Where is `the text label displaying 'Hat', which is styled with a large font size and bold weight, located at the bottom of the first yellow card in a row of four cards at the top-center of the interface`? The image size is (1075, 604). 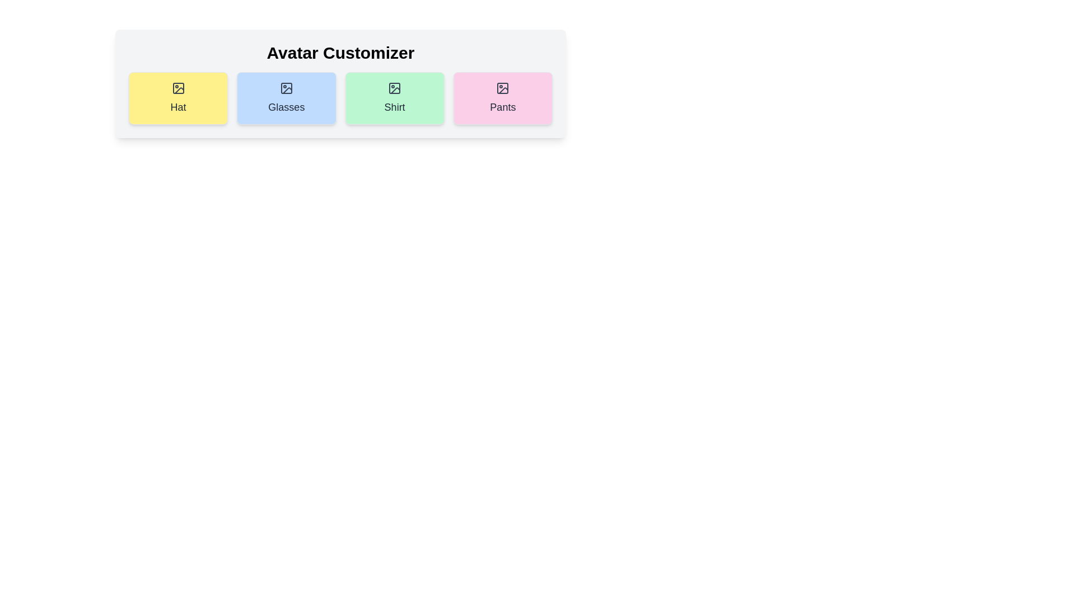
the text label displaying 'Hat', which is styled with a large font size and bold weight, located at the bottom of the first yellow card in a row of four cards at the top-center of the interface is located at coordinates (177, 107).